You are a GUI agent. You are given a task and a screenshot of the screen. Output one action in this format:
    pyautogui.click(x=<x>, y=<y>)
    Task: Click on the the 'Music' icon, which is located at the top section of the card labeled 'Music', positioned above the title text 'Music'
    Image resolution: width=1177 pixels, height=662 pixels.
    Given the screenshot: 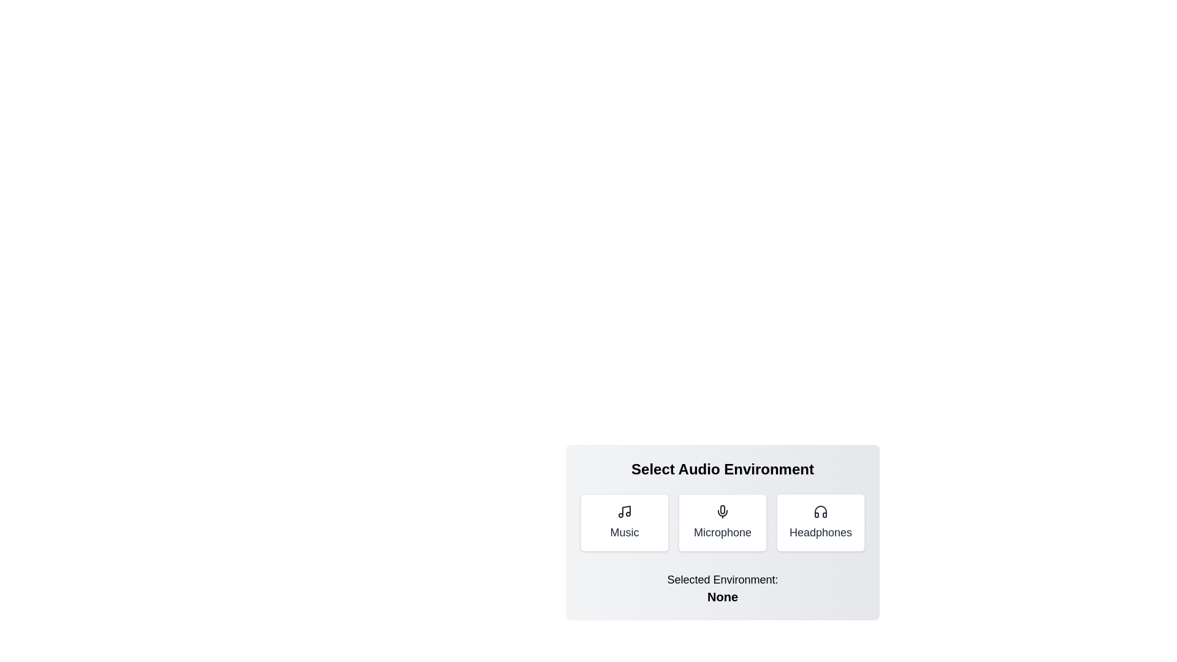 What is the action you would take?
    pyautogui.click(x=624, y=511)
    